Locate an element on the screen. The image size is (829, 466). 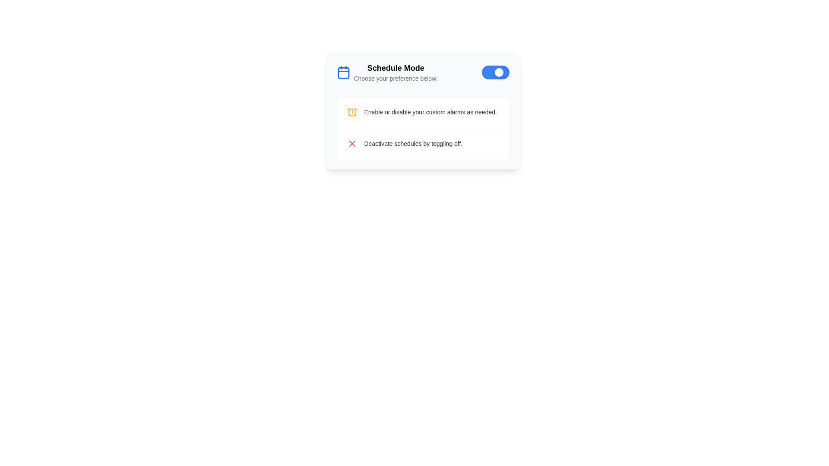
text block containing the heading 'Schedule Mode' and subheading 'Choose your preference below' for instructions is located at coordinates (395, 72).